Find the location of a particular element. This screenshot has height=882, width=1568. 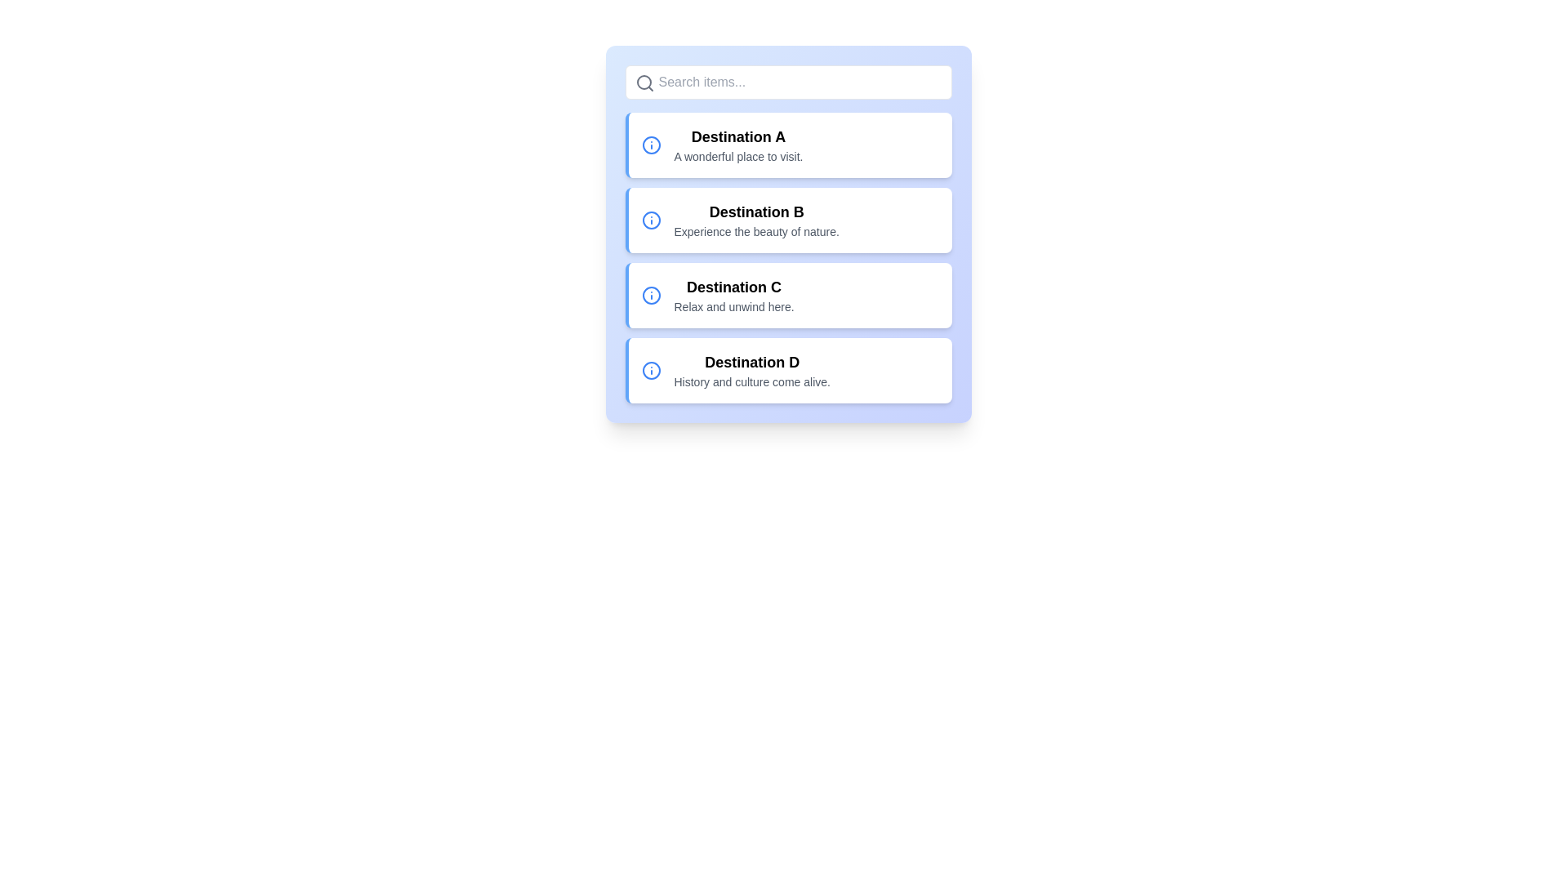

the inner circle of the magnifying glass icon, which represents the search functionality within the search bar at the top of the interface is located at coordinates (643, 82).